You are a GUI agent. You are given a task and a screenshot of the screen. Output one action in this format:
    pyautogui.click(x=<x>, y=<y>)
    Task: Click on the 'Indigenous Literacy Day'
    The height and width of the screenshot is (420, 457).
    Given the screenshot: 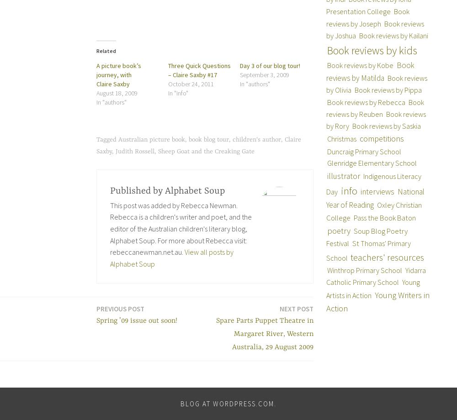 What is the action you would take?
    pyautogui.click(x=373, y=183)
    